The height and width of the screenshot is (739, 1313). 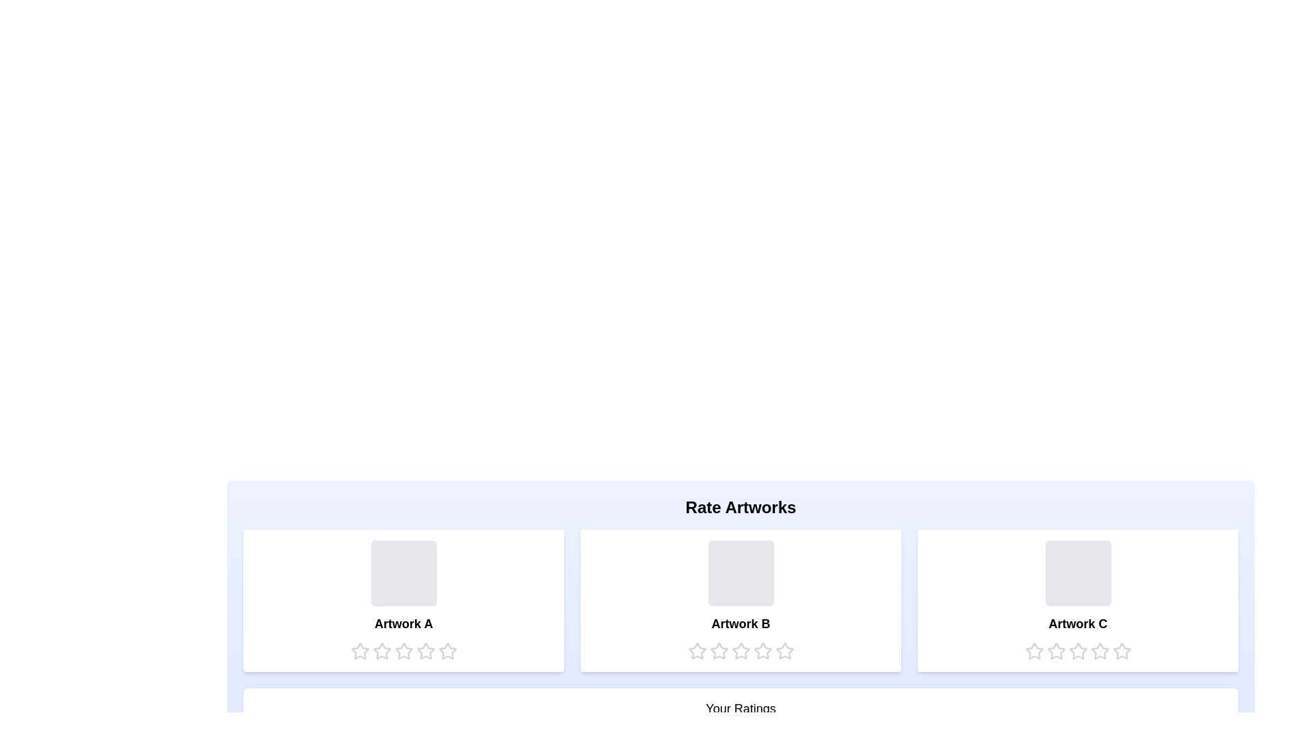 What do you see at coordinates (1055, 651) in the screenshot?
I see `the star corresponding to the rating 2 for the artwork Artwork C` at bounding box center [1055, 651].